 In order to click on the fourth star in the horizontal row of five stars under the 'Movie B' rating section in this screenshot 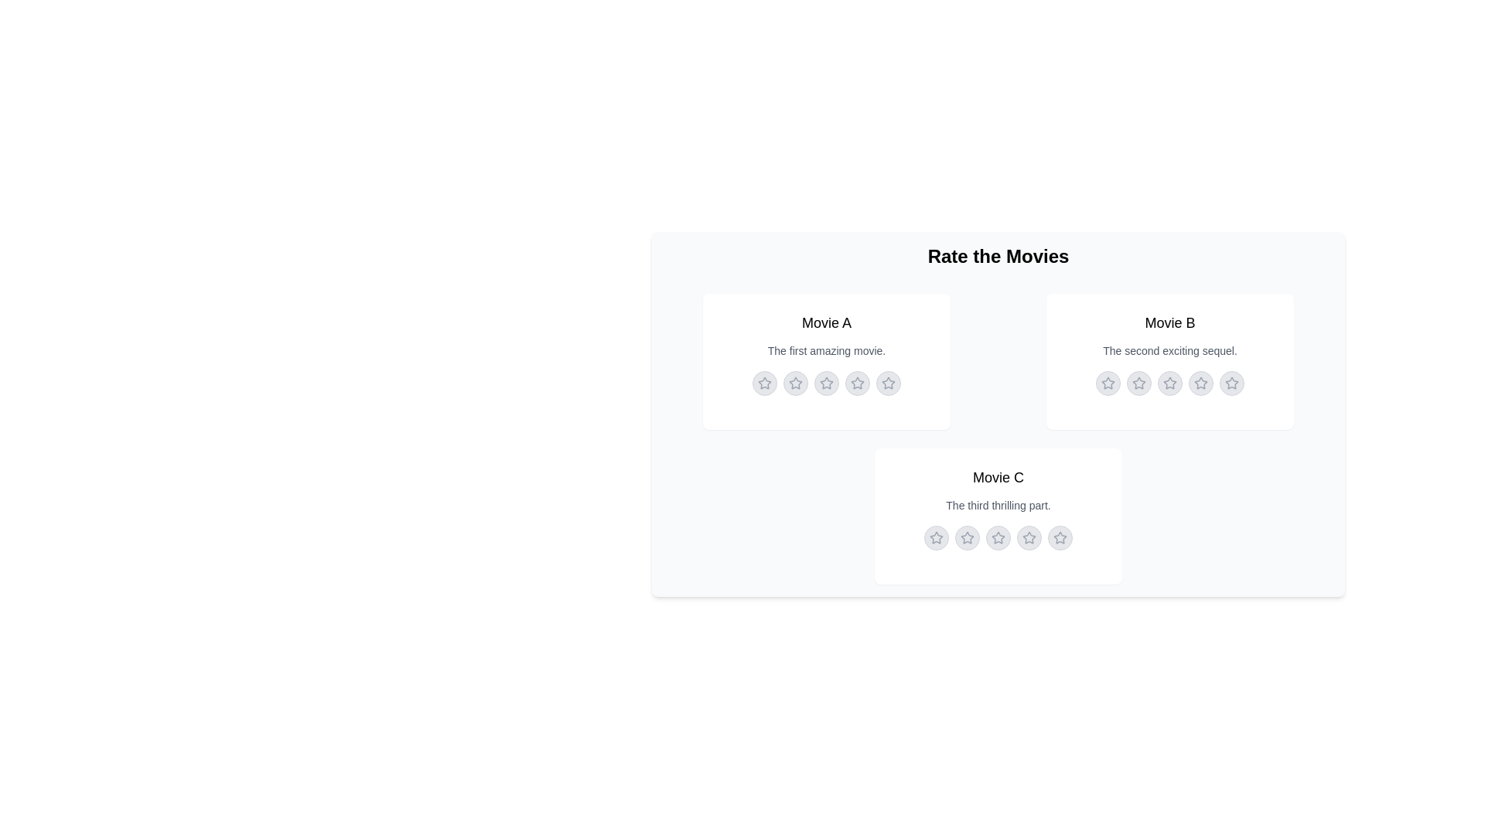, I will do `click(1200, 383)`.